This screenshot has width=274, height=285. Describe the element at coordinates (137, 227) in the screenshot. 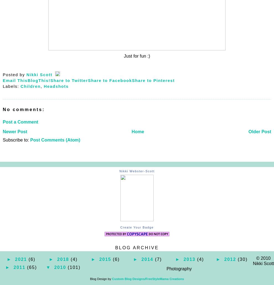

I see `'Create Your Badge'` at that location.